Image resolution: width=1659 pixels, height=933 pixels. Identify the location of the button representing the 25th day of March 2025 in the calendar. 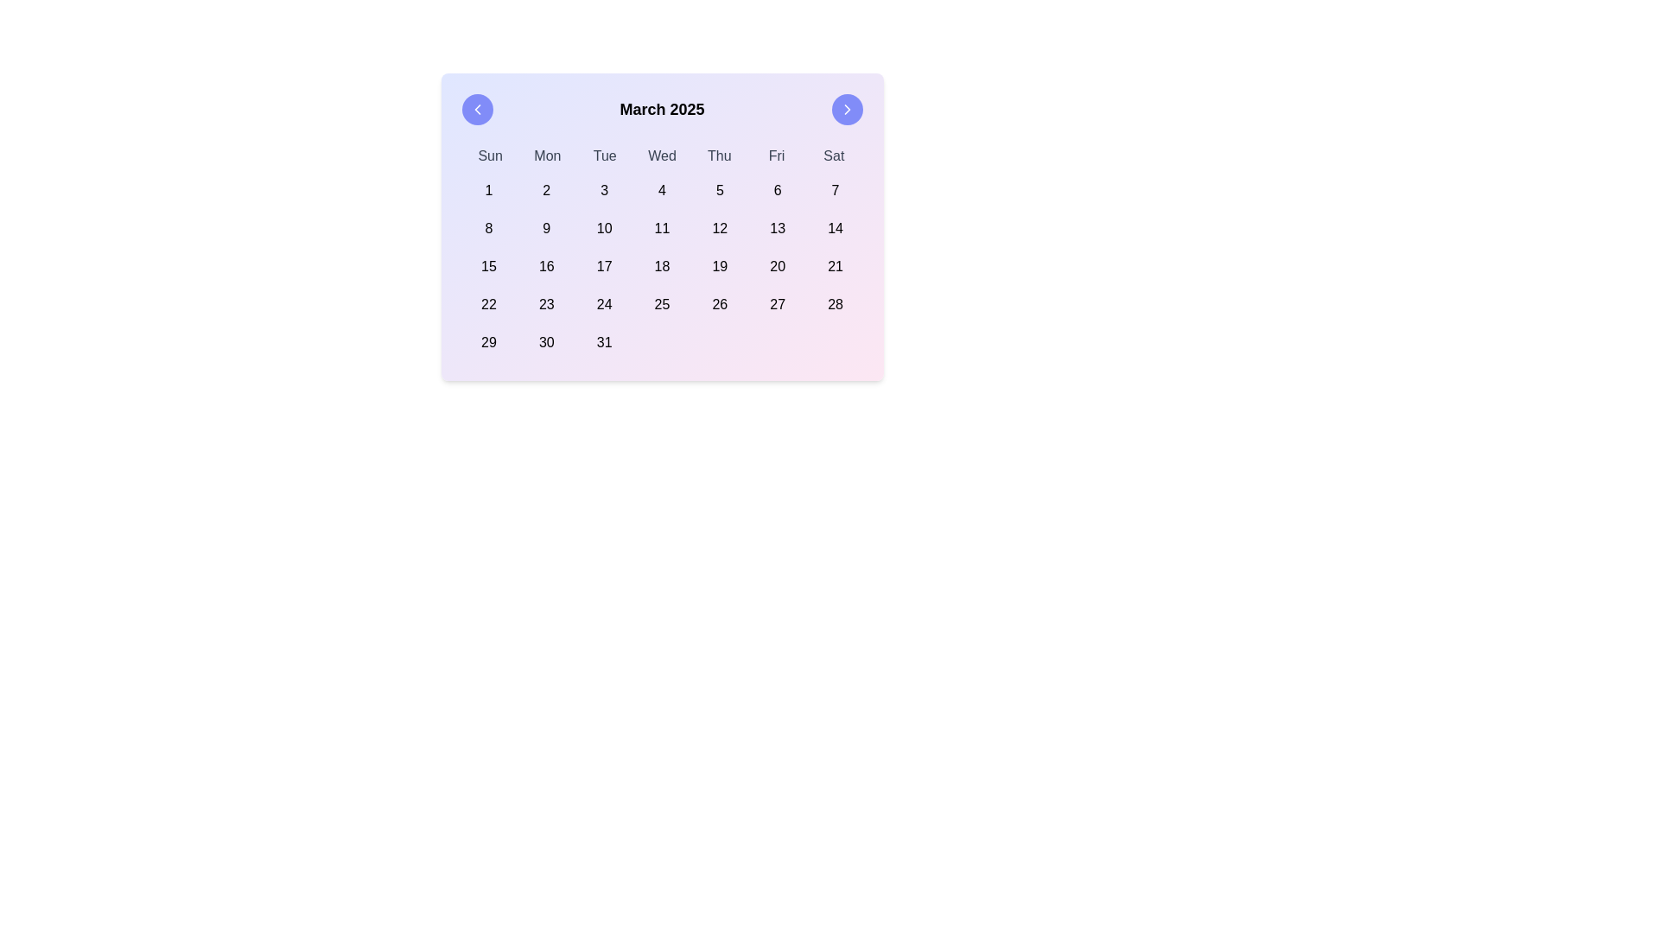
(661, 304).